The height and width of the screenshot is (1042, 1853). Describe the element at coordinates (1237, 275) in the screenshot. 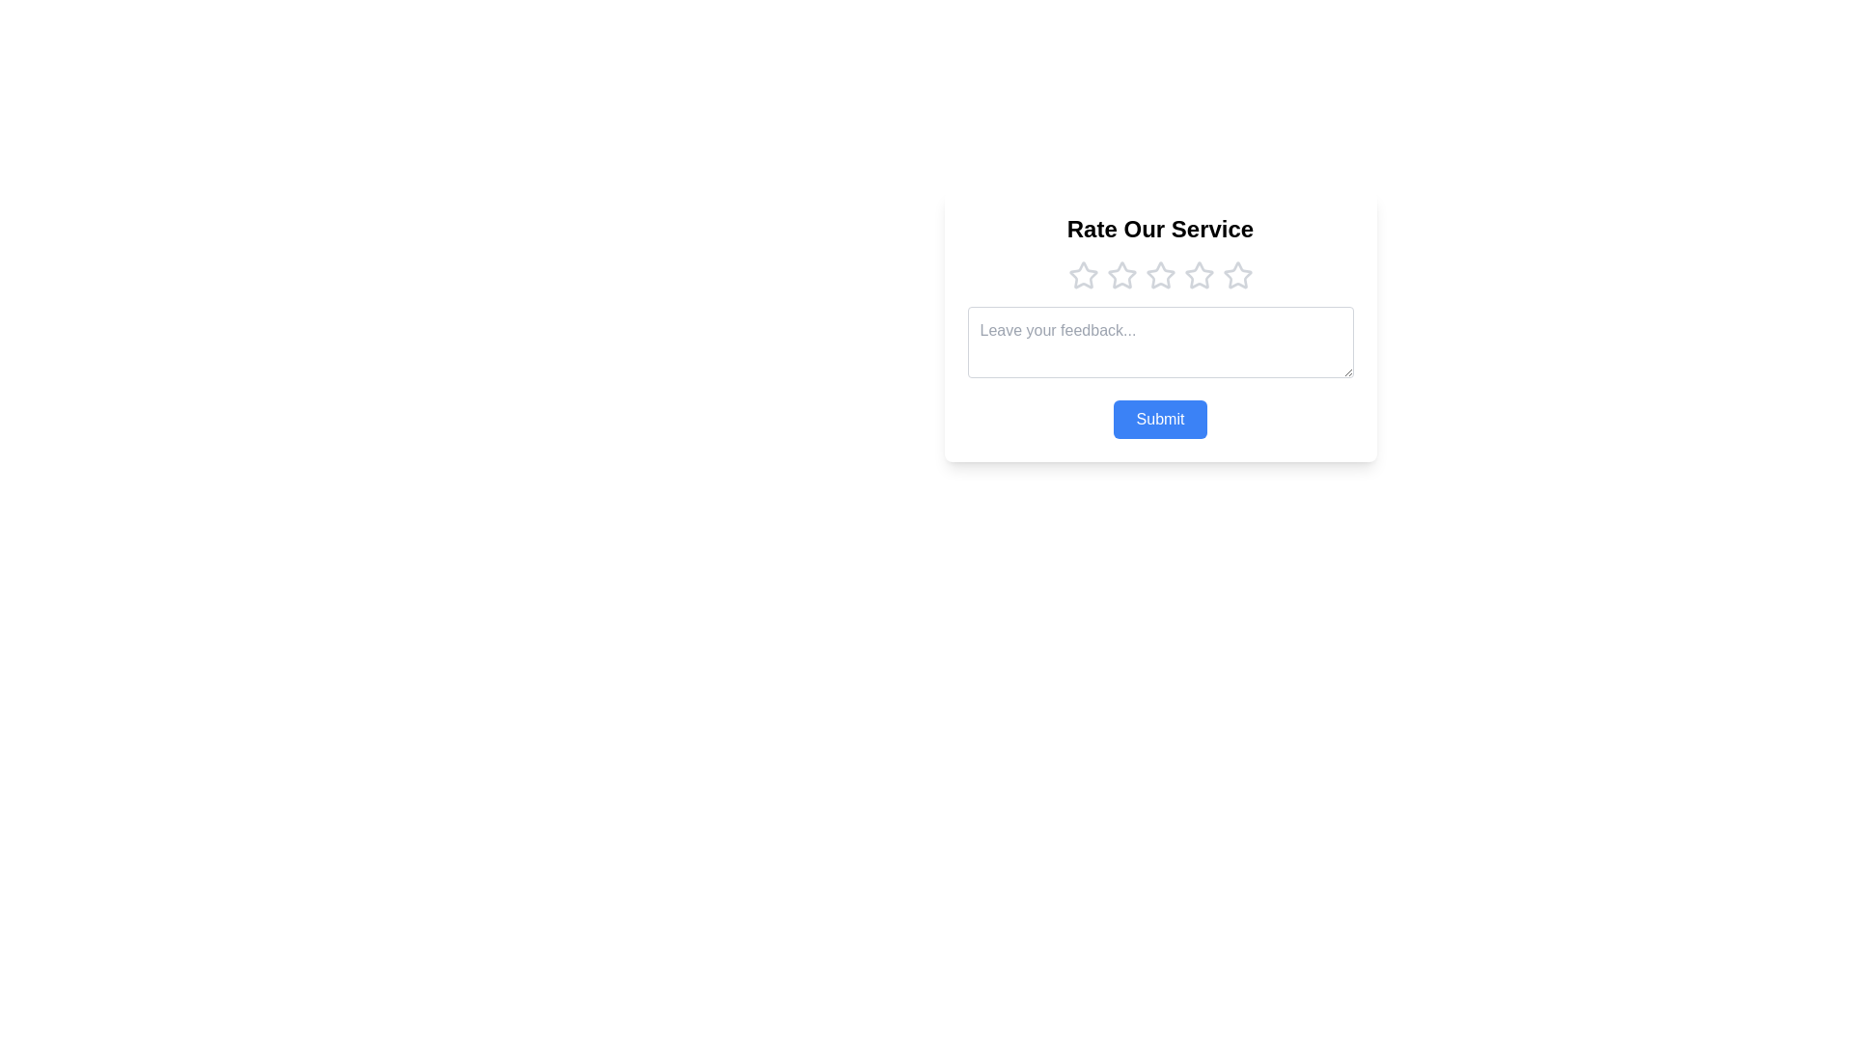

I see `the fifth star-shaped rating icon in the 'Rate Our Service' section` at that location.